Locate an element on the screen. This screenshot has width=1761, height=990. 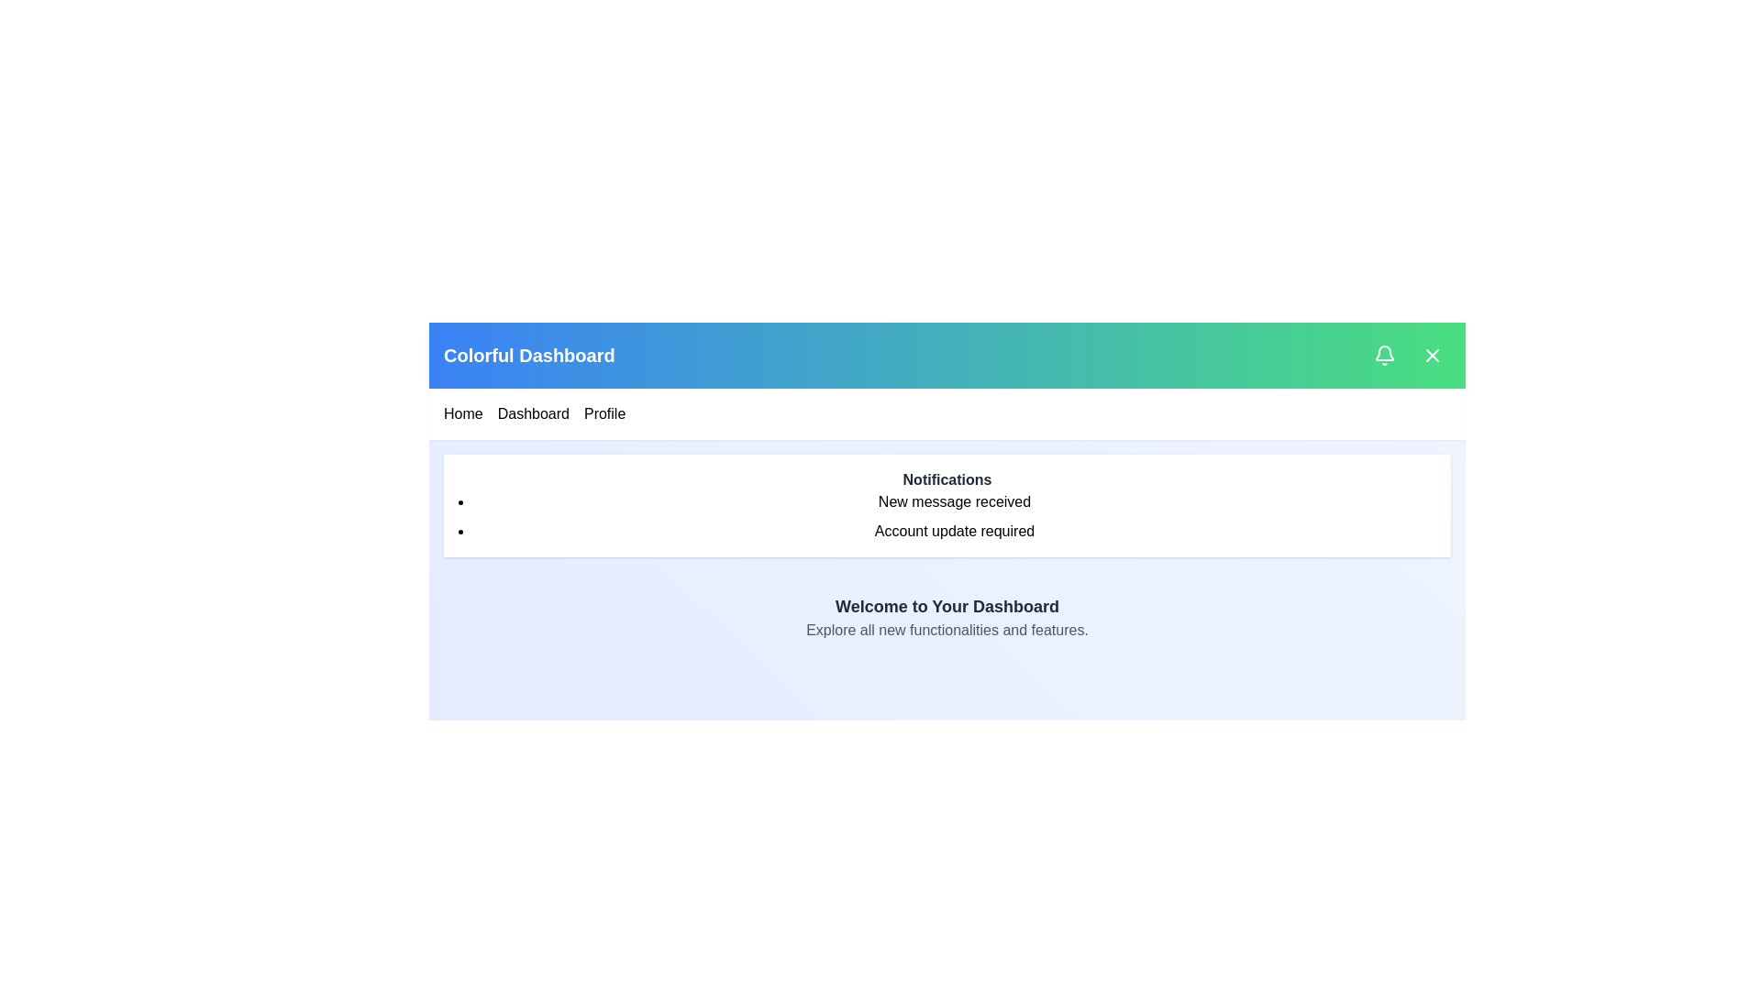
the navigation menu item Dashboard is located at coordinates (531, 413).